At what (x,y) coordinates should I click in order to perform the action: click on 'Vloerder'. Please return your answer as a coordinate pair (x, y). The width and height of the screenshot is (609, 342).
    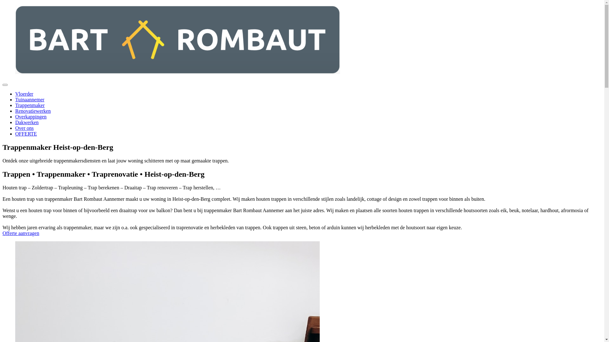
    Looking at the image, I should click on (15, 94).